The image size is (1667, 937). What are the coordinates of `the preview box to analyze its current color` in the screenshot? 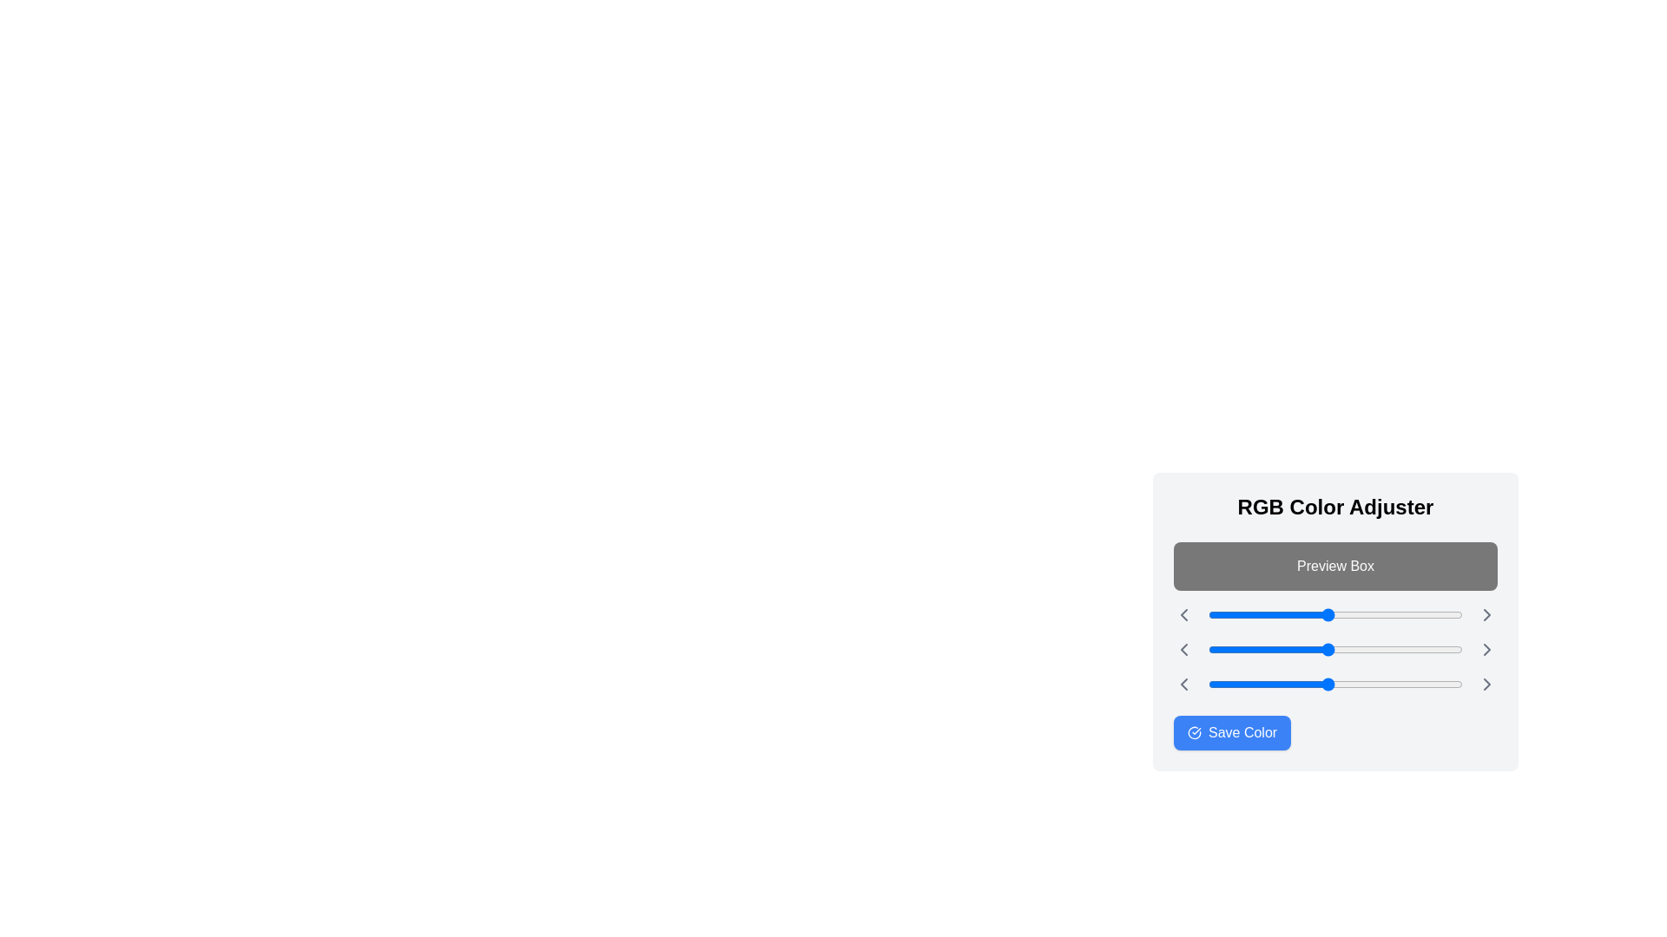 It's located at (1334, 566).